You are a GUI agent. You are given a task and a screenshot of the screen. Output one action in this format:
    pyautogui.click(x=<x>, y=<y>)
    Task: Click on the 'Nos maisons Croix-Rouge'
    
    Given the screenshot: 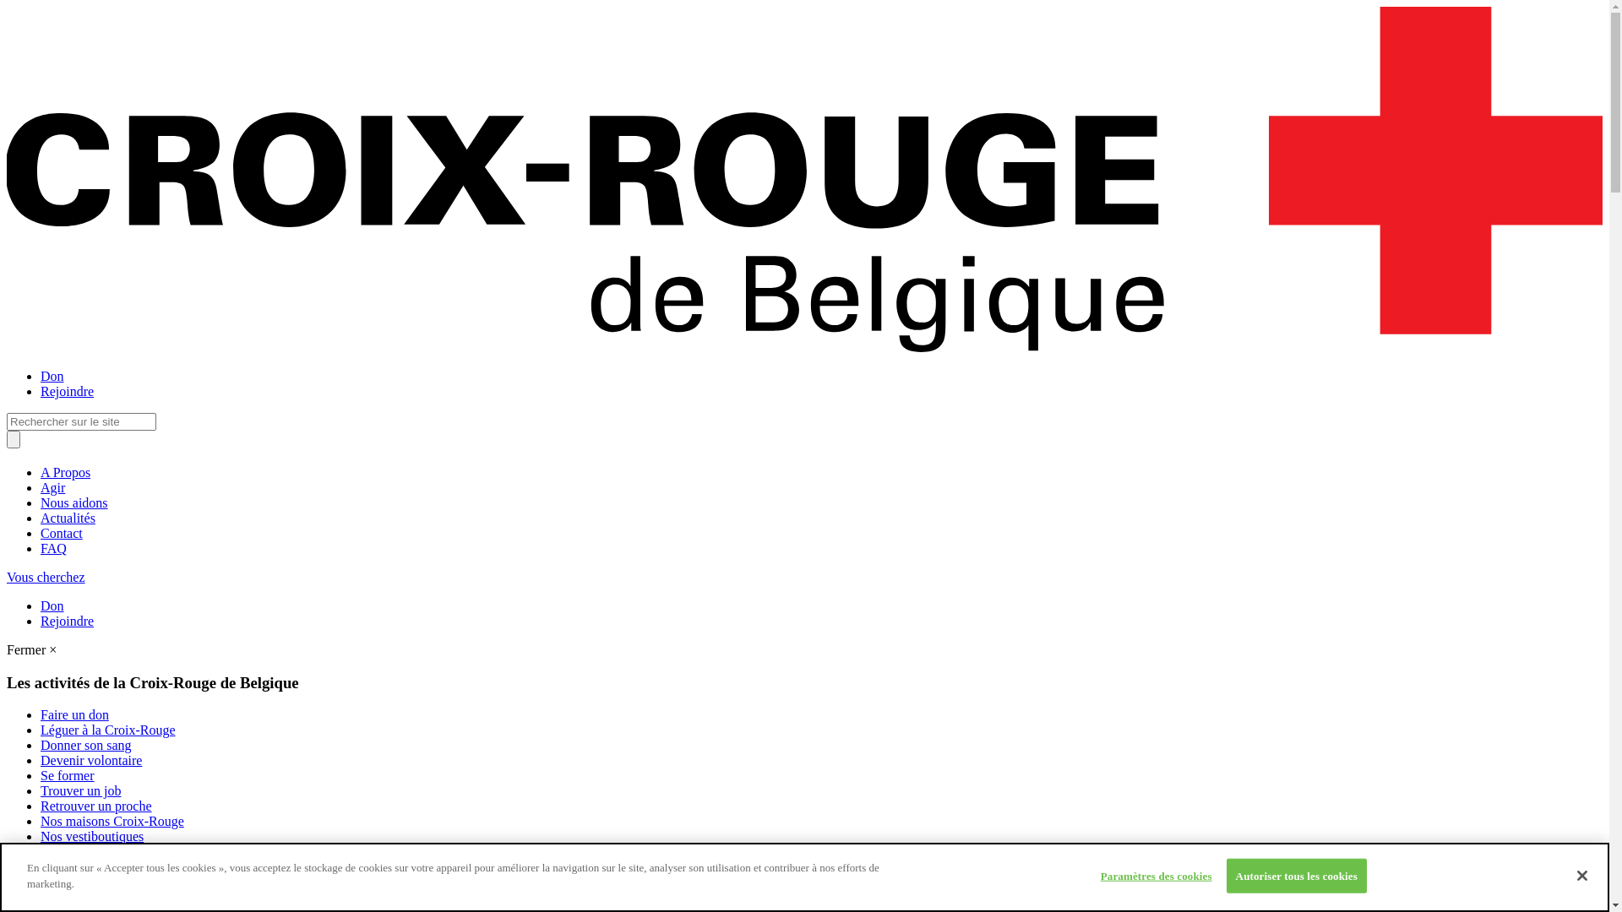 What is the action you would take?
    pyautogui.click(x=112, y=820)
    